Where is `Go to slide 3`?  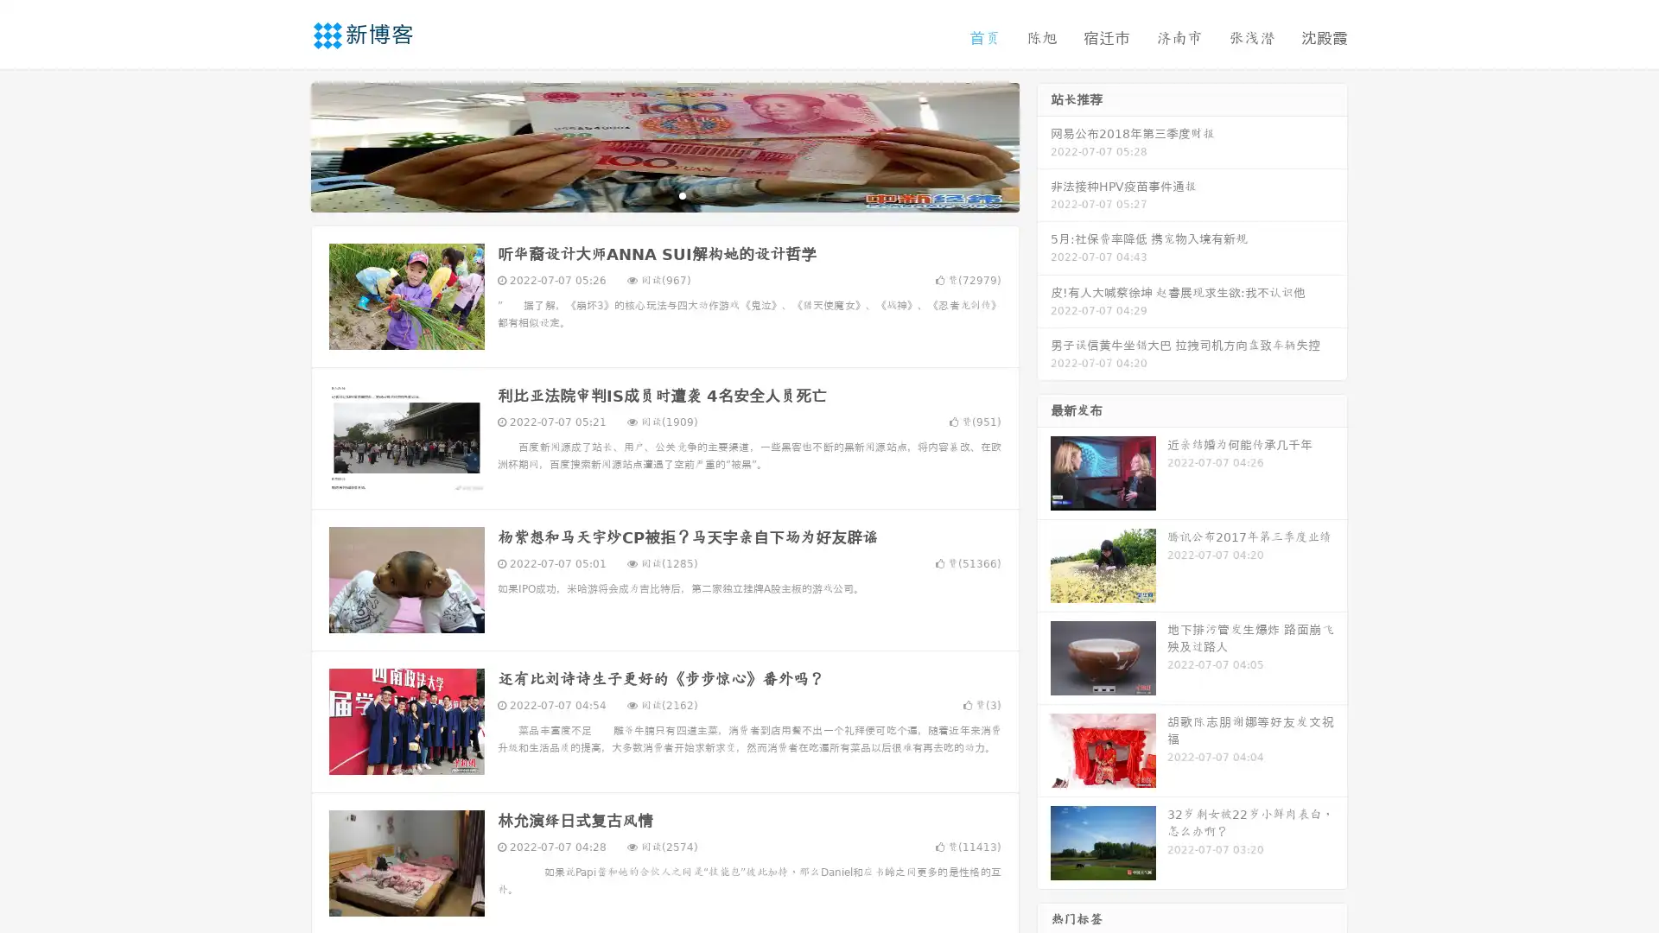 Go to slide 3 is located at coordinates (682, 194).